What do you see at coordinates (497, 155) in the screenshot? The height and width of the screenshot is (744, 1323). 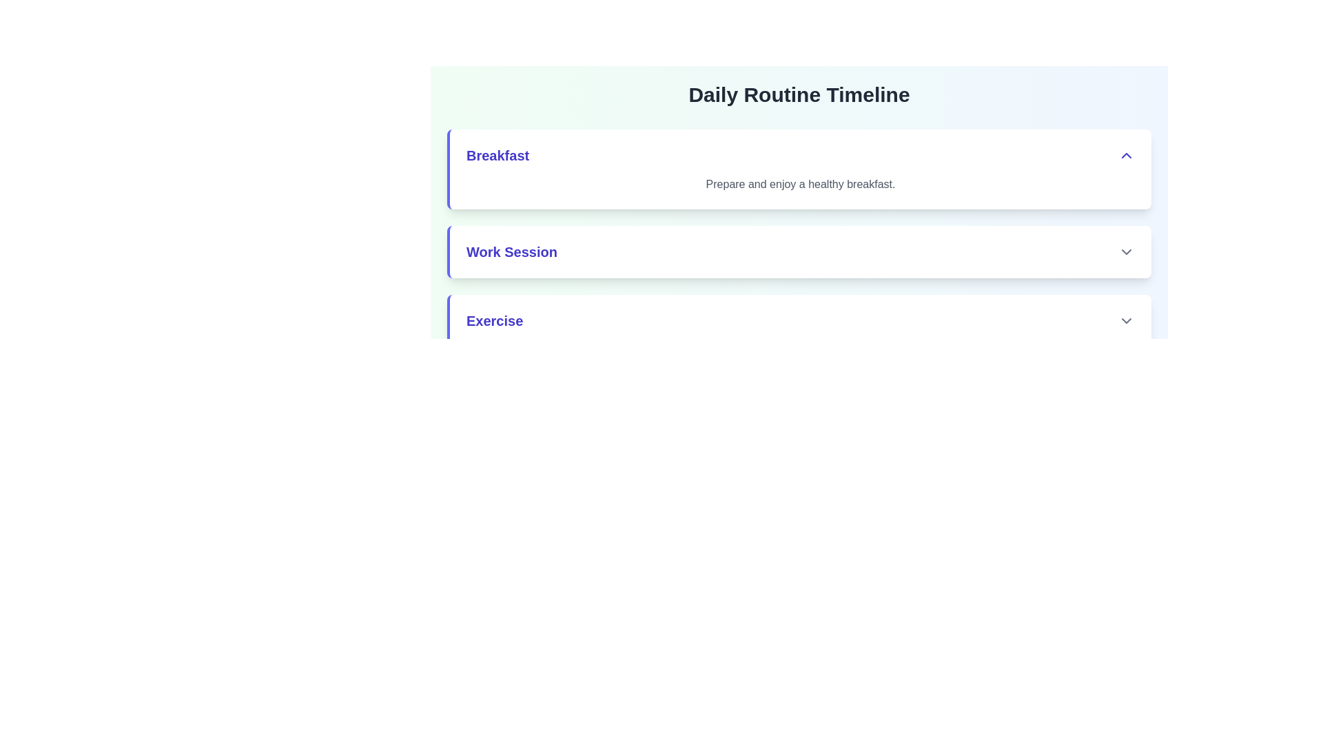 I see `the static text displaying 'Breakfast' in bold indigo font on a white background, located at the top-left corner of its section` at bounding box center [497, 155].